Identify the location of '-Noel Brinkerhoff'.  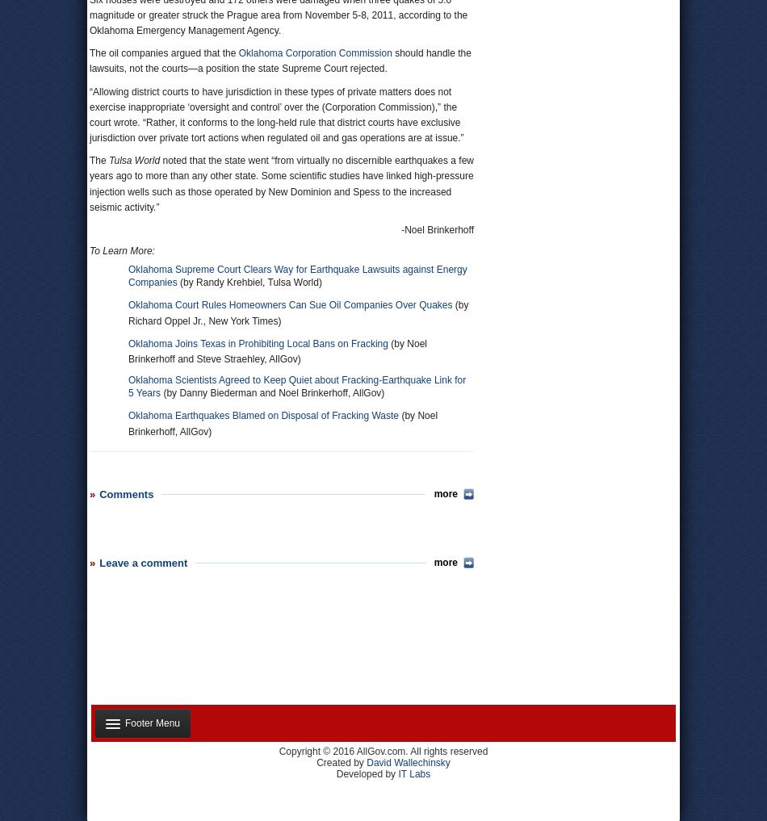
(437, 229).